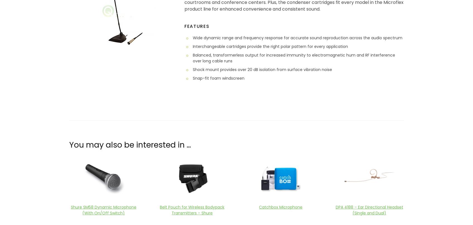  I want to click on 'Shock mount provides over 20 dB isolation from surface vibration noise', so click(262, 69).